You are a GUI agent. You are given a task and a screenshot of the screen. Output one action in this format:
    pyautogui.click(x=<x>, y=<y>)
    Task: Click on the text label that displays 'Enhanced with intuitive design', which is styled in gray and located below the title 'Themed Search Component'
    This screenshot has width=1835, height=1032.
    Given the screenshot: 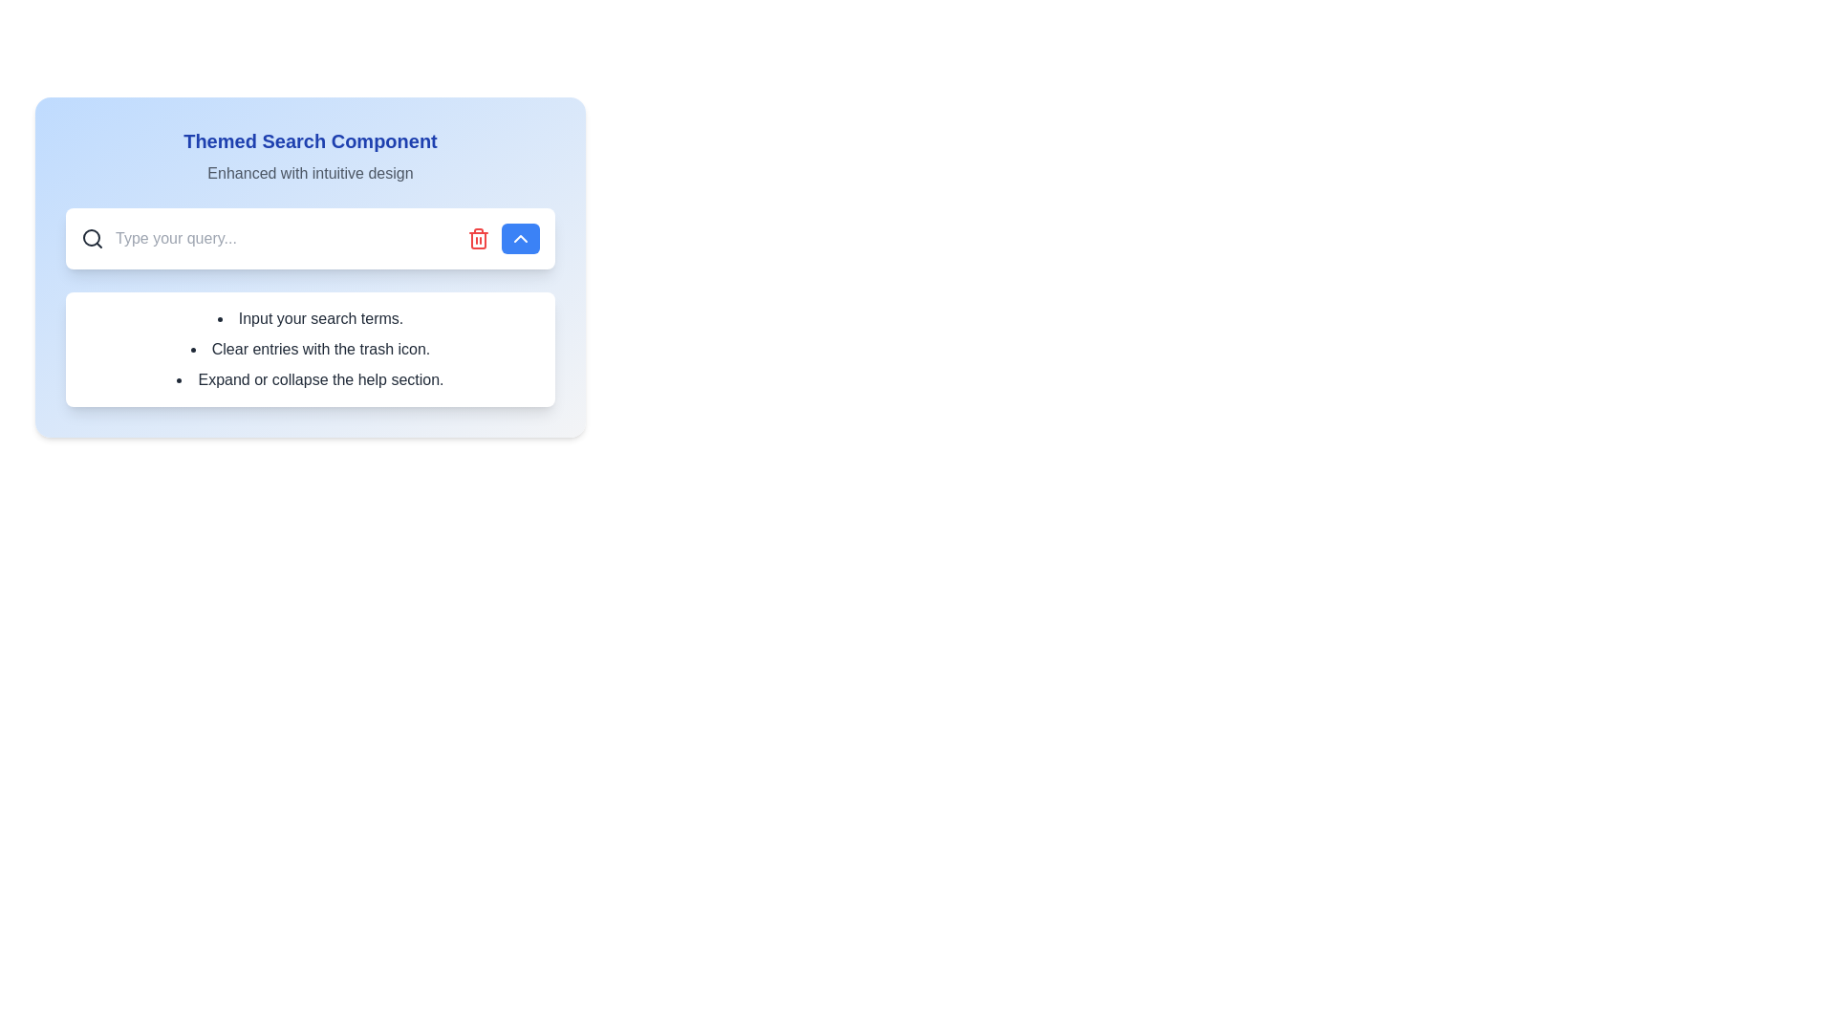 What is the action you would take?
    pyautogui.click(x=311, y=173)
    